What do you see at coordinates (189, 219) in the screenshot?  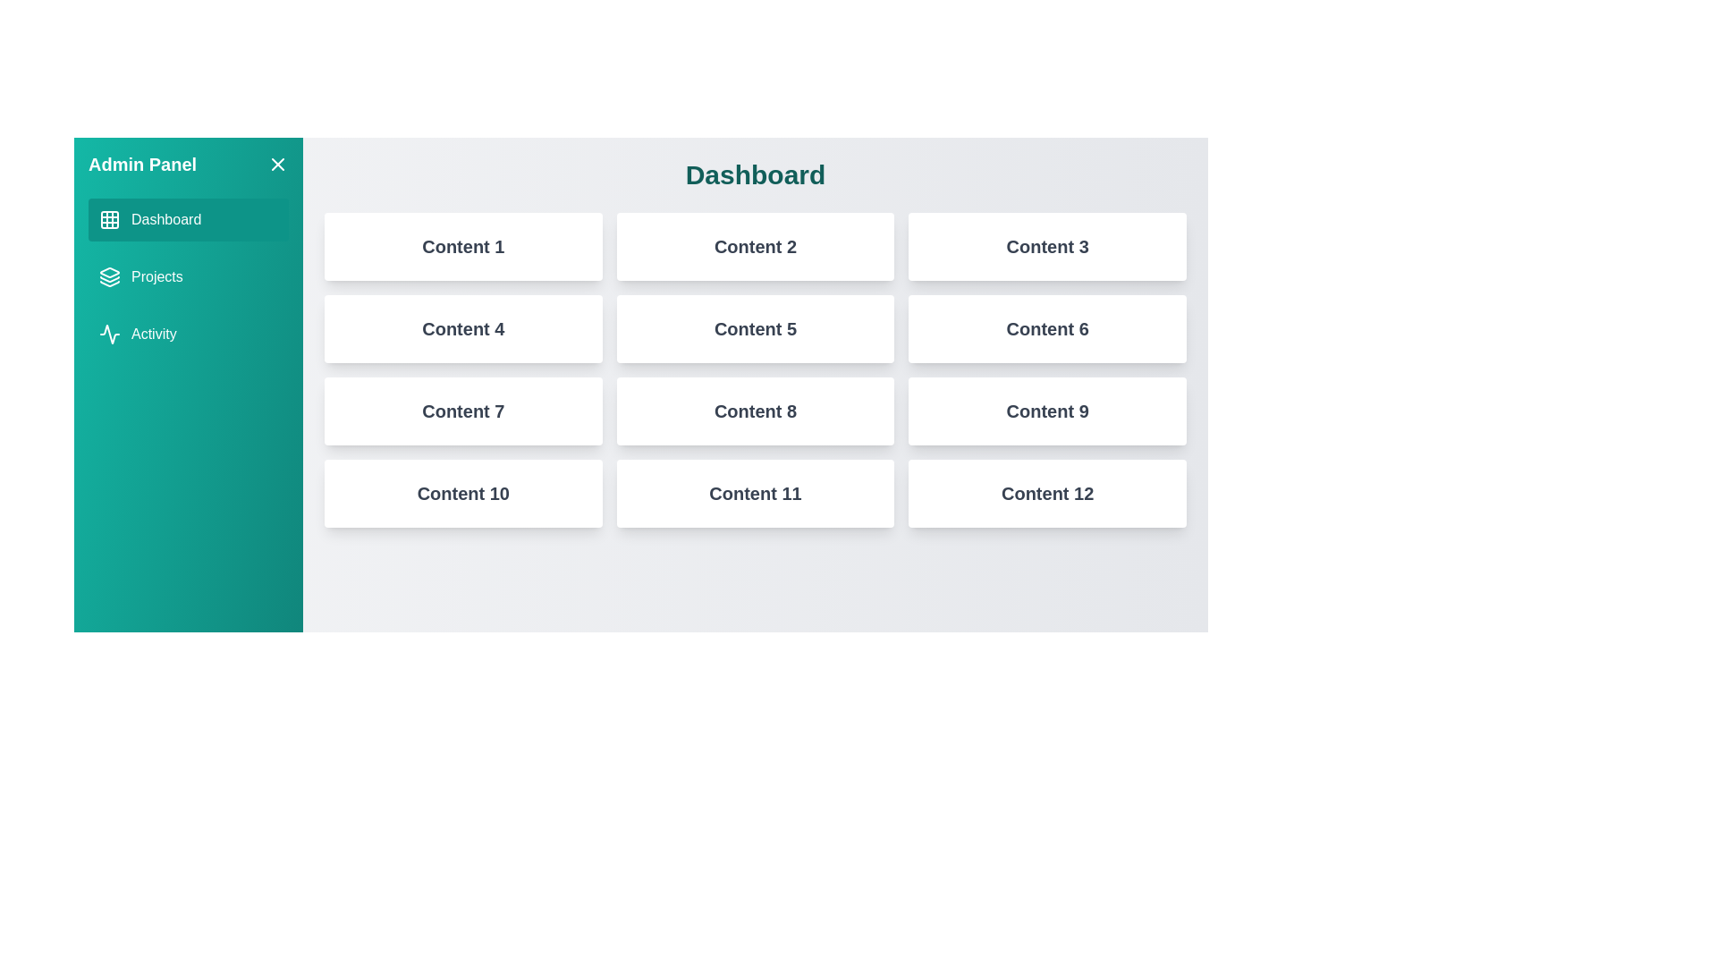 I see `the tab Dashboard from the menu` at bounding box center [189, 219].